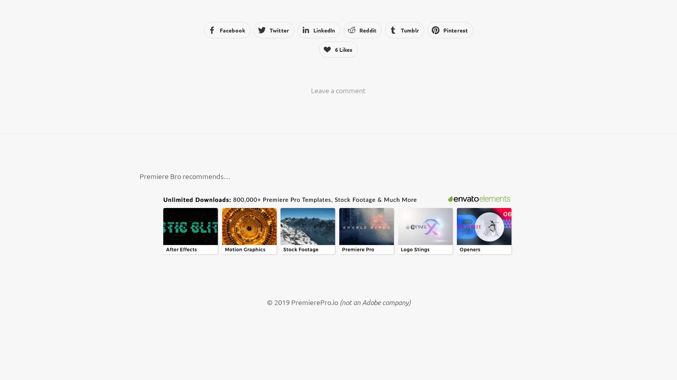 This screenshot has width=677, height=380. Describe the element at coordinates (232, 29) in the screenshot. I see `'Facebook'` at that location.